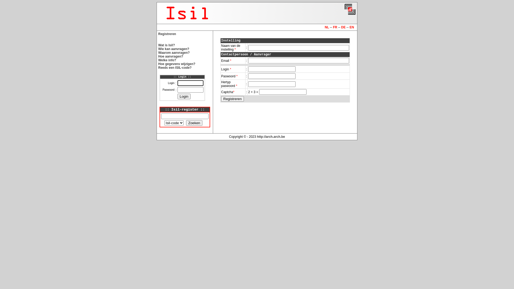 Image resolution: width=514 pixels, height=289 pixels. What do you see at coordinates (175, 67) in the screenshot?
I see `'Reeds een ISIL-code?'` at bounding box center [175, 67].